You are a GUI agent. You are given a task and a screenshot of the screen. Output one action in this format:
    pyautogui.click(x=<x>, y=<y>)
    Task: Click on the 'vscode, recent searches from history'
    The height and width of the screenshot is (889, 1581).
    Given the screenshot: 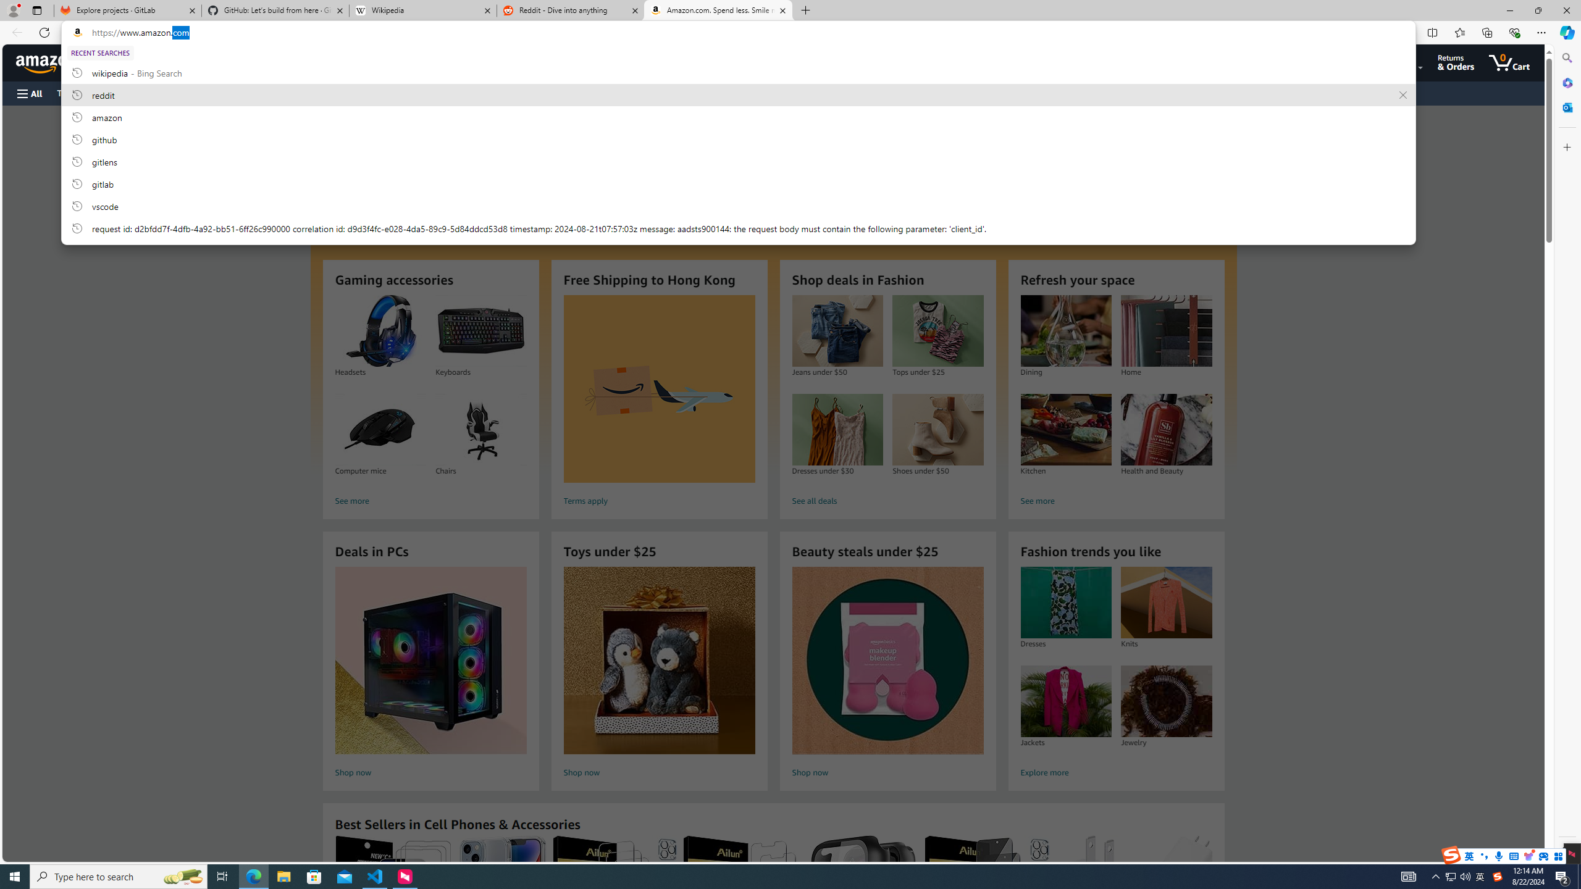 What is the action you would take?
    pyautogui.click(x=737, y=206)
    